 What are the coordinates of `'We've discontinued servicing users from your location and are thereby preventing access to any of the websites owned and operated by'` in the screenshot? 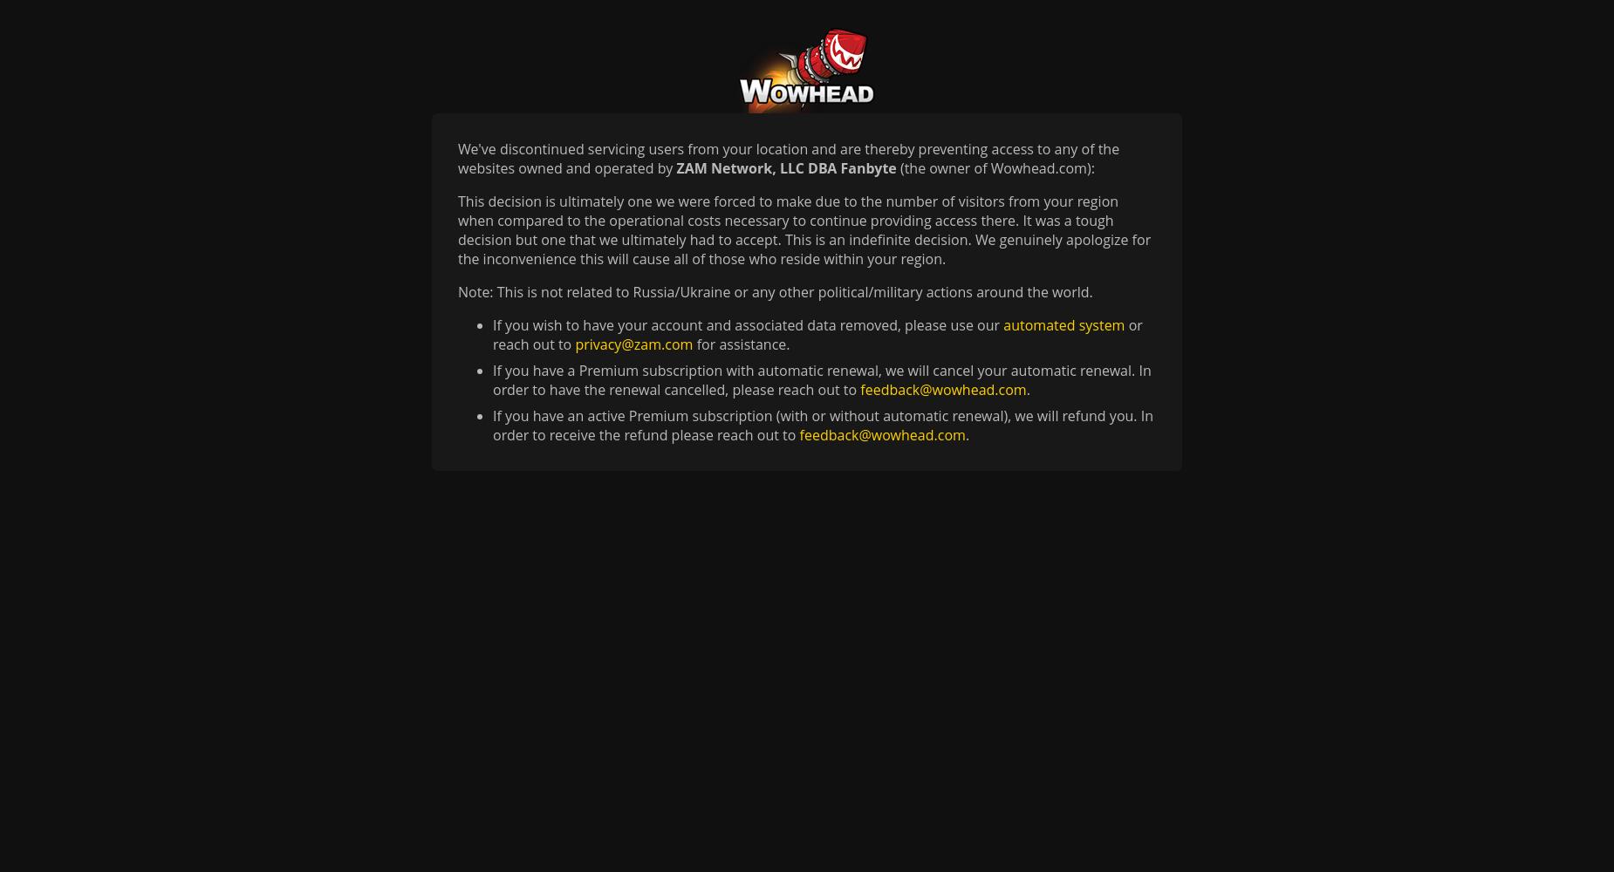 It's located at (788, 159).